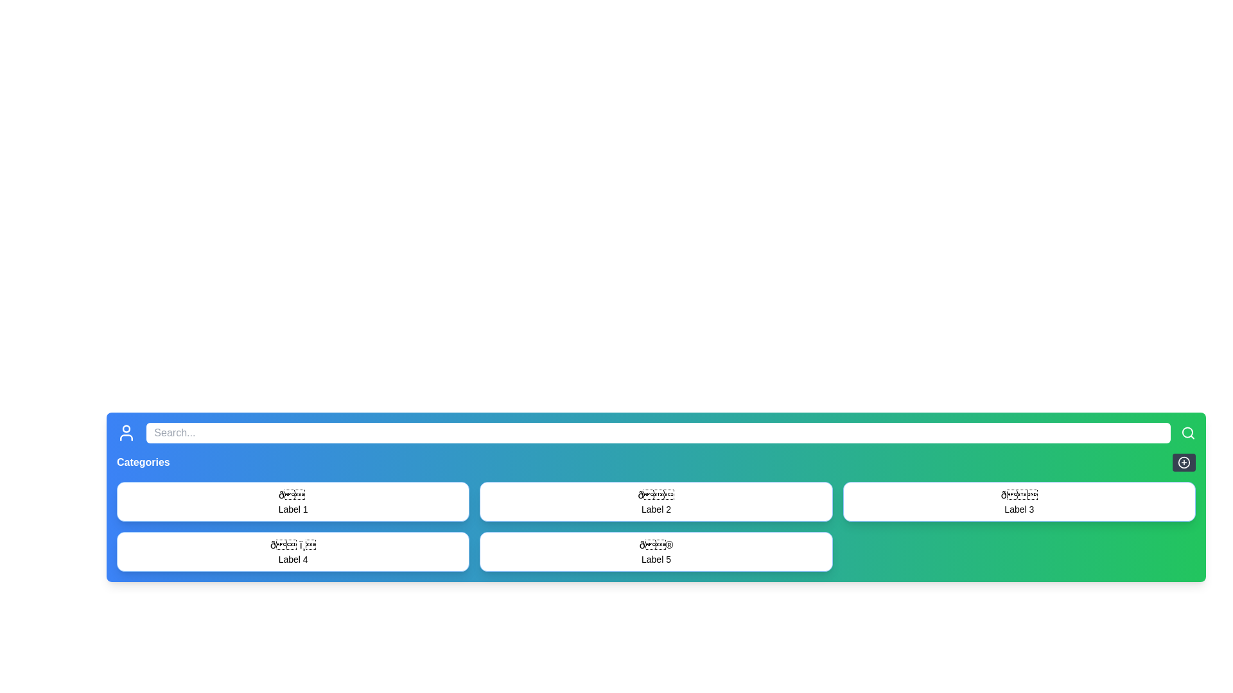 The width and height of the screenshot is (1233, 693). I want to click on circular SVG shape icon with a plus sign located at the top-right corner of the search bar for more details, so click(1183, 463).